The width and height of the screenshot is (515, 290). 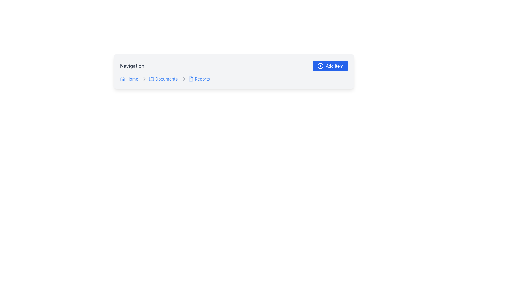 What do you see at coordinates (132, 66) in the screenshot?
I see `the 'Navigation' text label, which is a bold, larger font heading styled in dark gray, located at the top-left side of the interface, distinct from the 'Add Item' button and breadcrumb navigation links` at bounding box center [132, 66].